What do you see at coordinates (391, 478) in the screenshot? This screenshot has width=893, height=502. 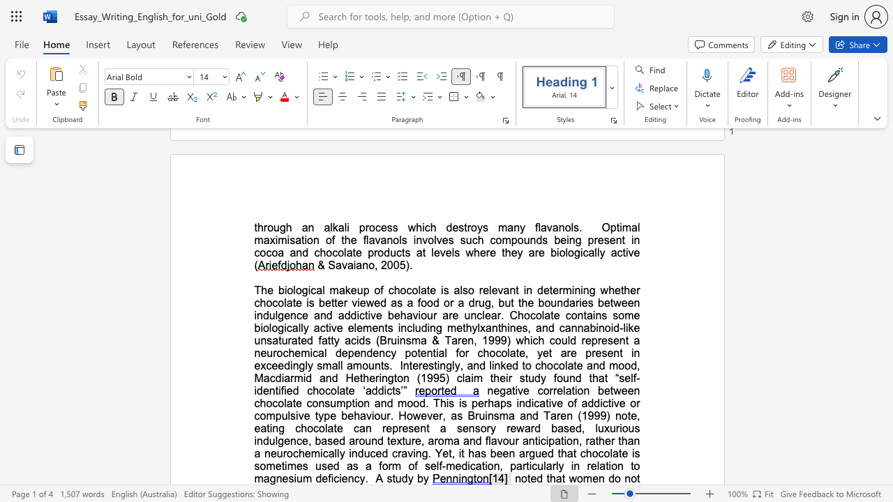 I see `the subset text "tud" within the text "A study by"` at bounding box center [391, 478].